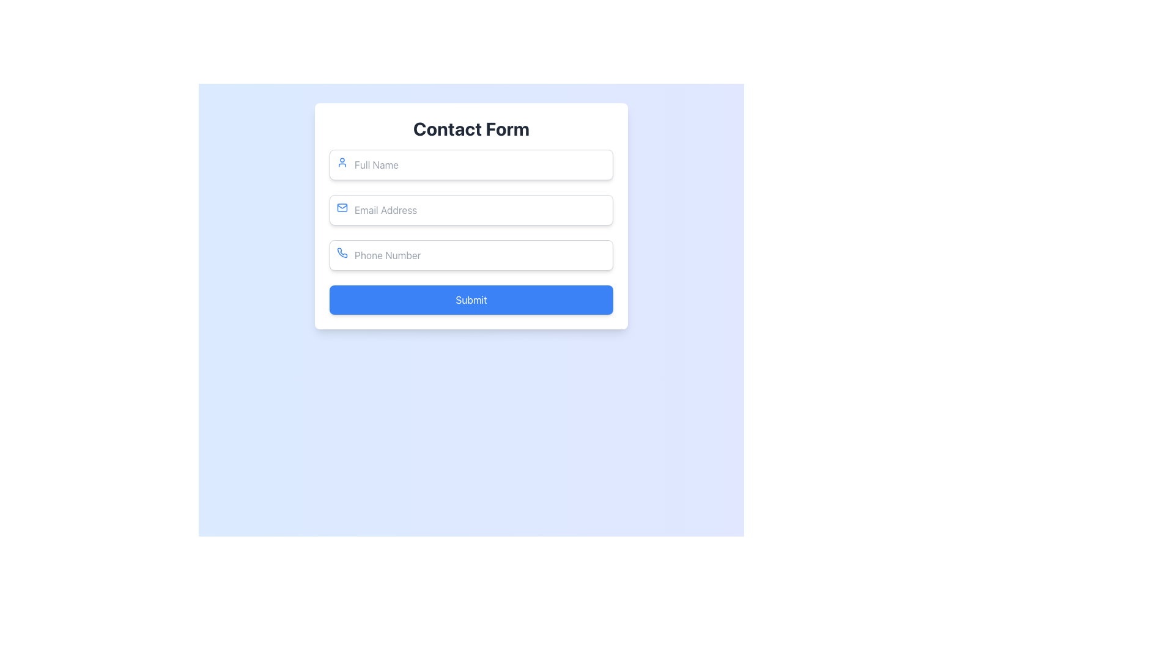 The height and width of the screenshot is (660, 1174). Describe the element at coordinates (342, 207) in the screenshot. I see `the envelope icon that visually indicates the adjacent input is intended for an email address, positioned to the left of the 'Email Address' input field` at that location.